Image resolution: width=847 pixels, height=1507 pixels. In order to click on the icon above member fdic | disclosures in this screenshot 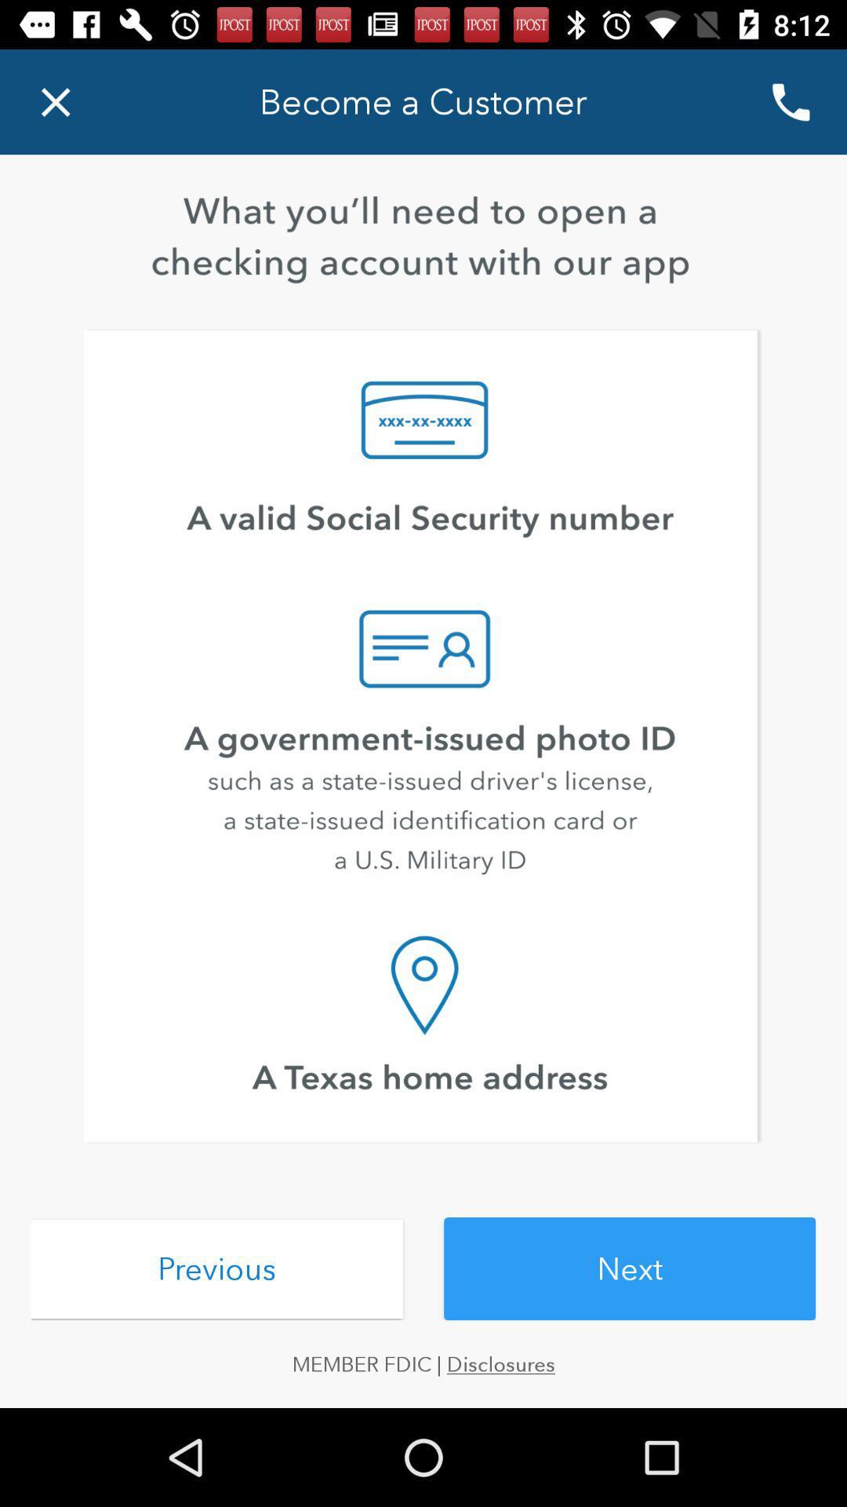, I will do `click(216, 1269)`.